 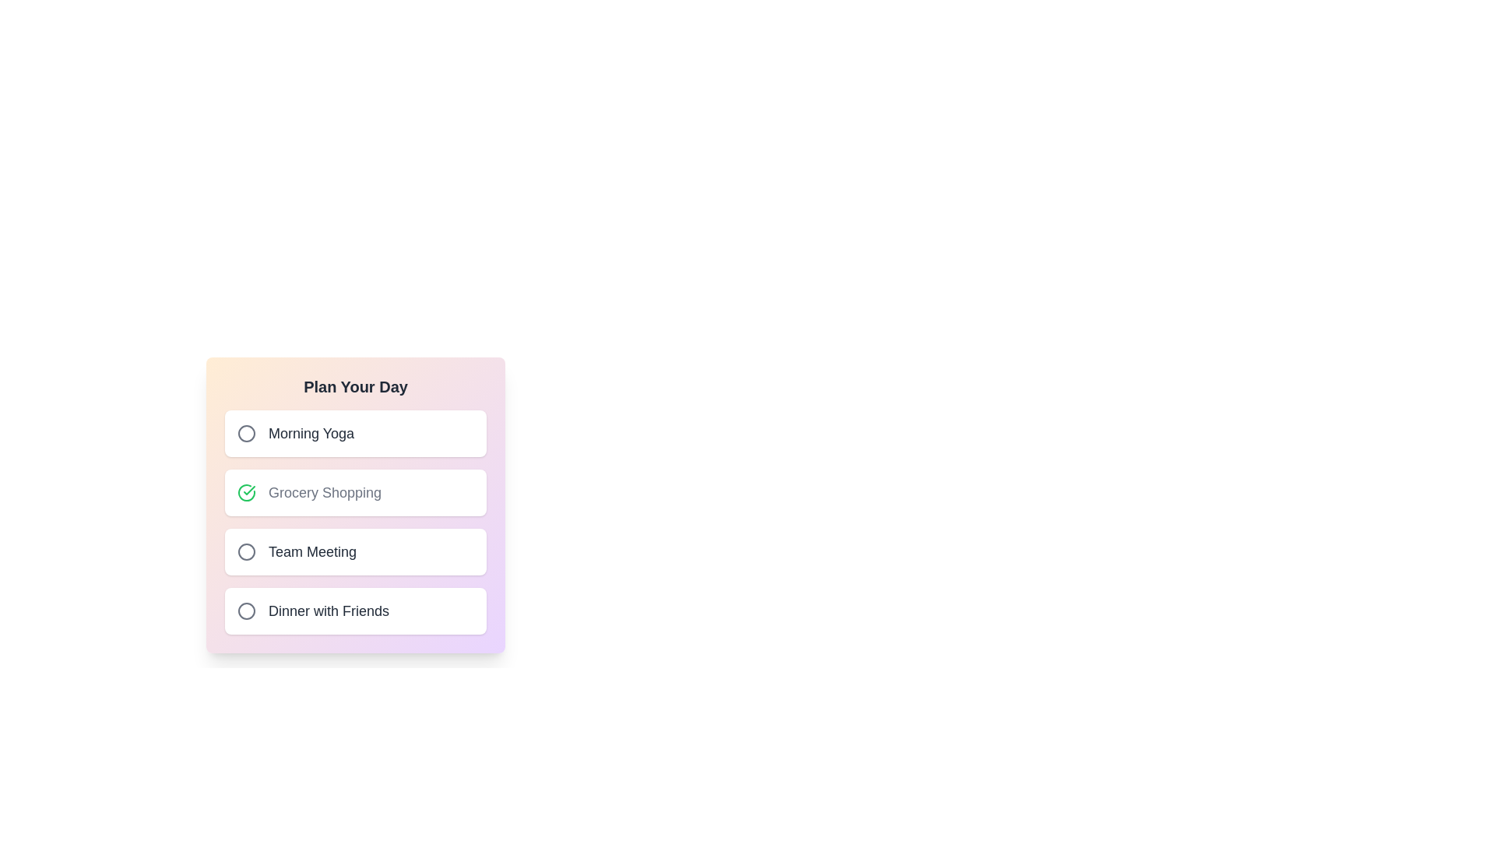 I want to click on the activity identified by Grocery Shopping, so click(x=245, y=492).